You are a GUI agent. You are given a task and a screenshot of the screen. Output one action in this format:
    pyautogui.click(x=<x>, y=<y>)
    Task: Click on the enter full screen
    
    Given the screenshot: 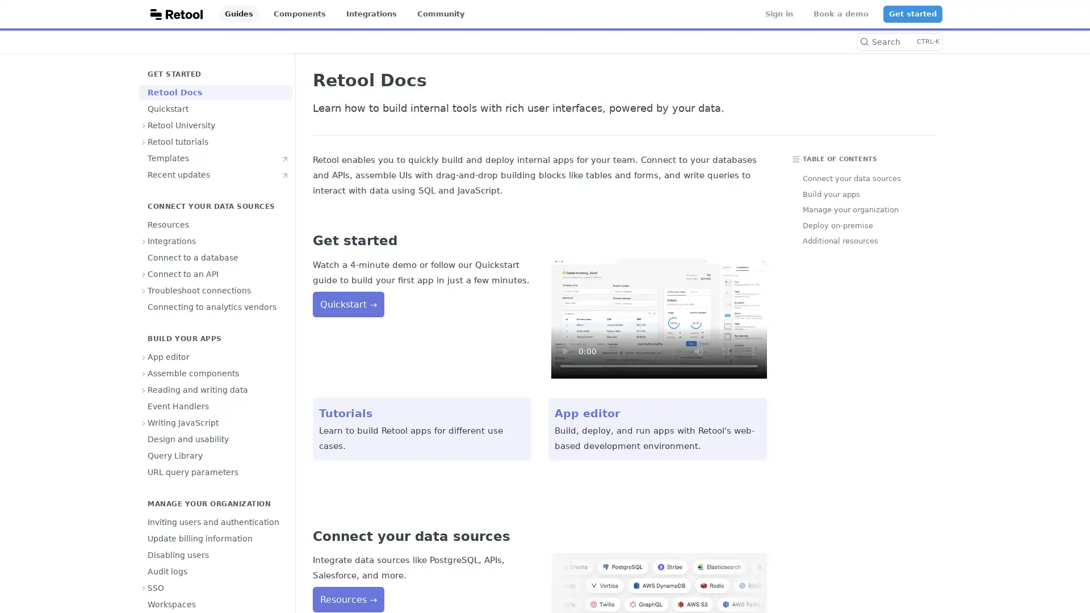 What is the action you would take?
    pyautogui.click(x=725, y=350)
    